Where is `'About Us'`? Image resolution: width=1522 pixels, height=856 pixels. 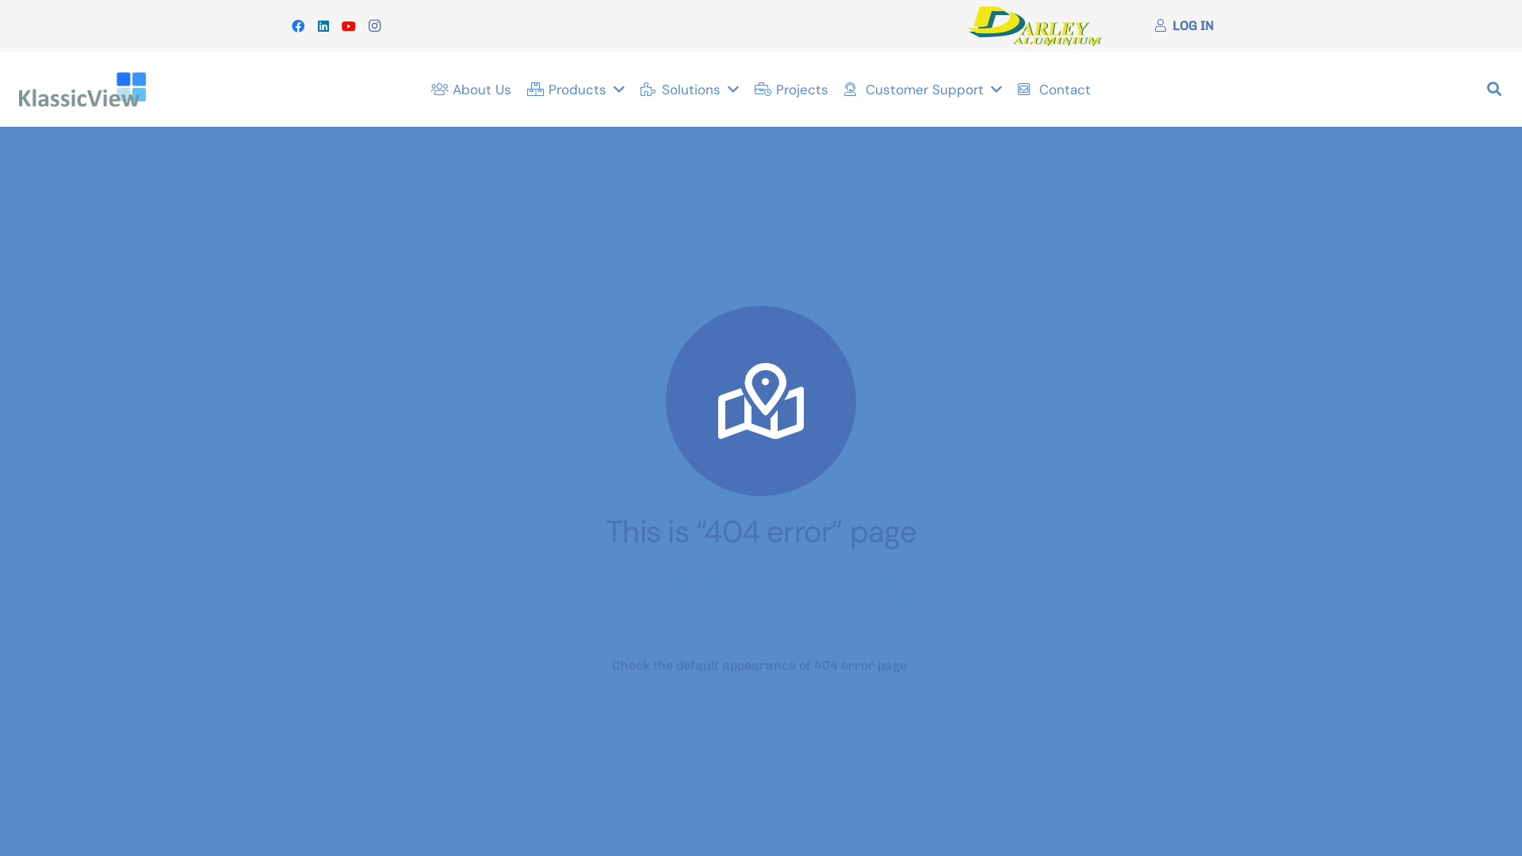 'About Us' is located at coordinates (470, 89).